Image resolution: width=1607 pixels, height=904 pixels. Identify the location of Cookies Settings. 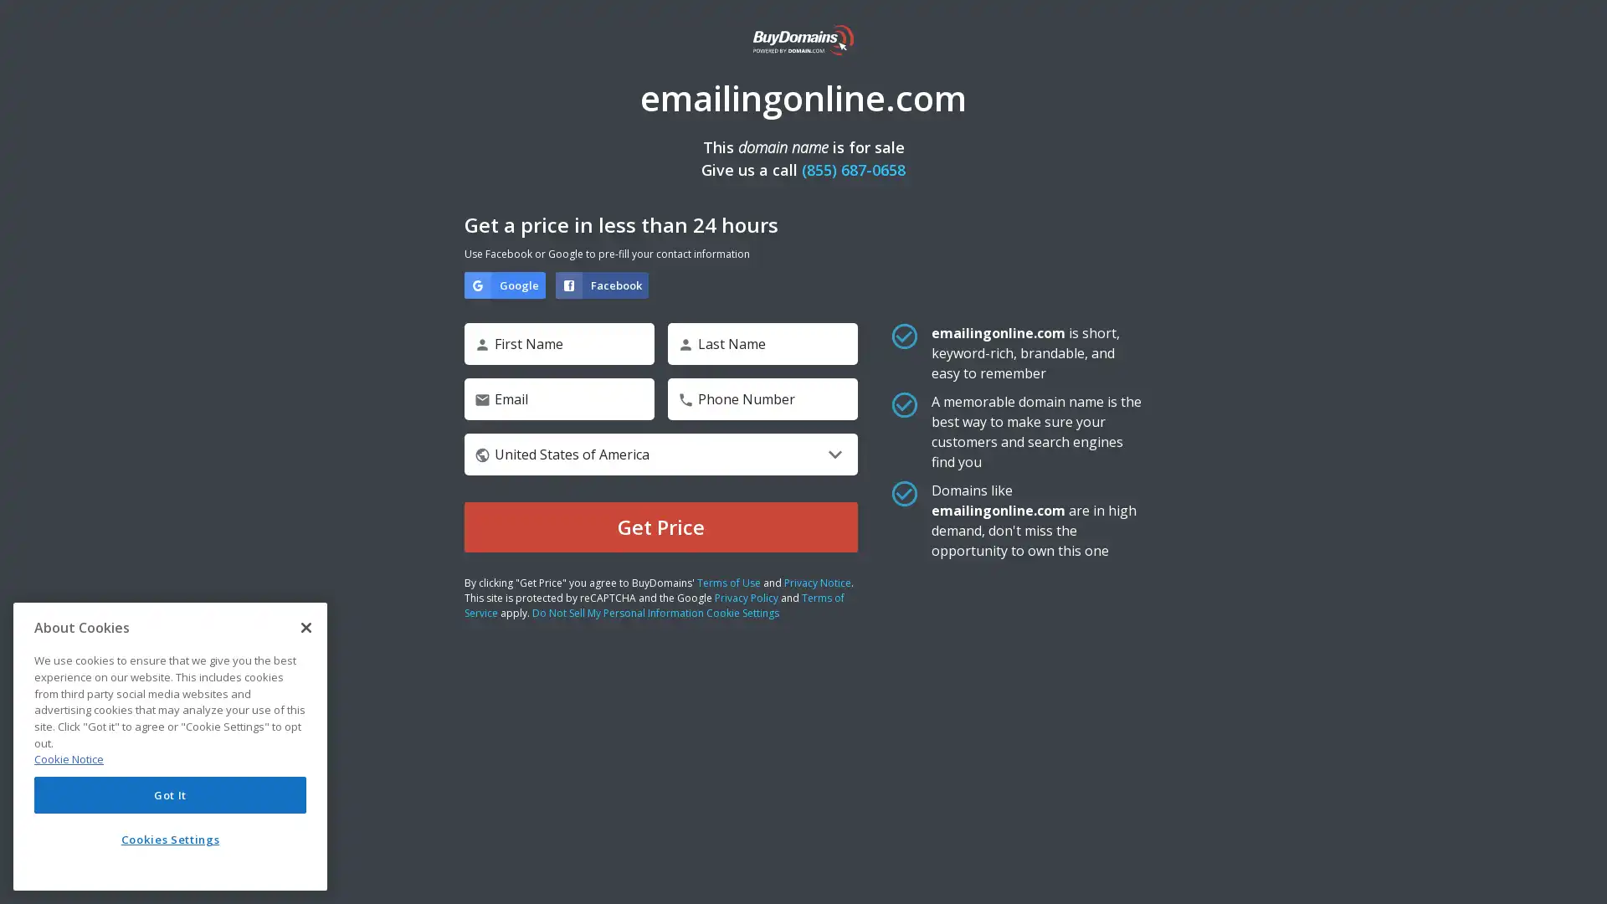
(170, 839).